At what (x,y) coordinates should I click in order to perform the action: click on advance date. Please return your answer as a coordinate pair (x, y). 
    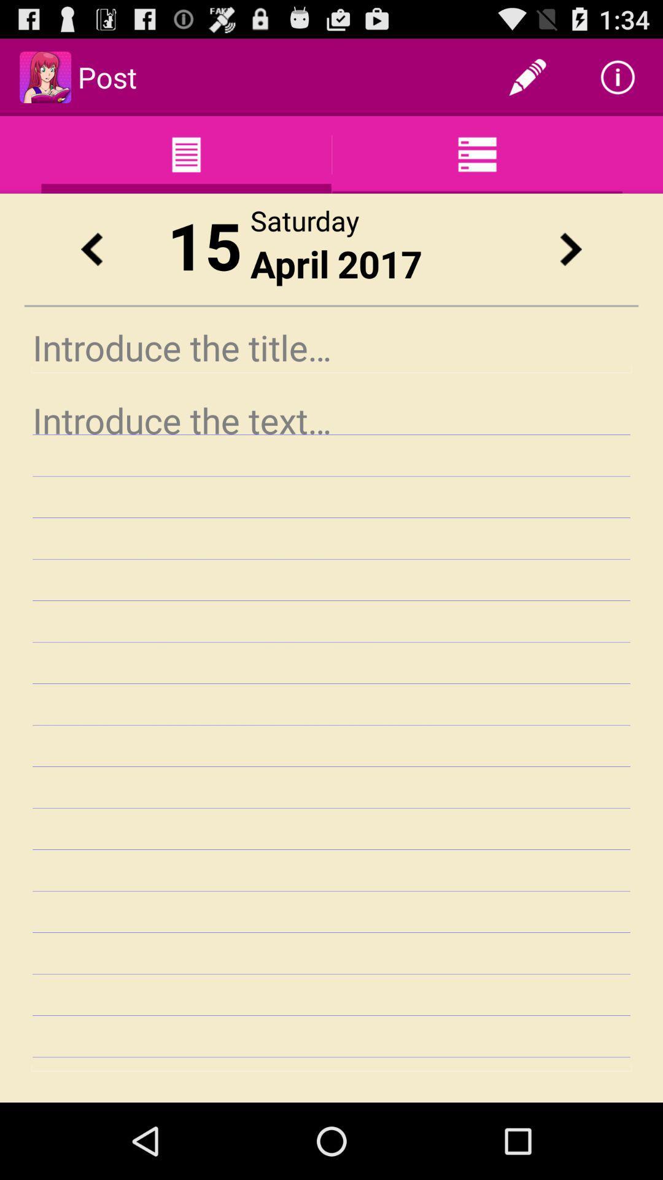
    Looking at the image, I should click on (570, 248).